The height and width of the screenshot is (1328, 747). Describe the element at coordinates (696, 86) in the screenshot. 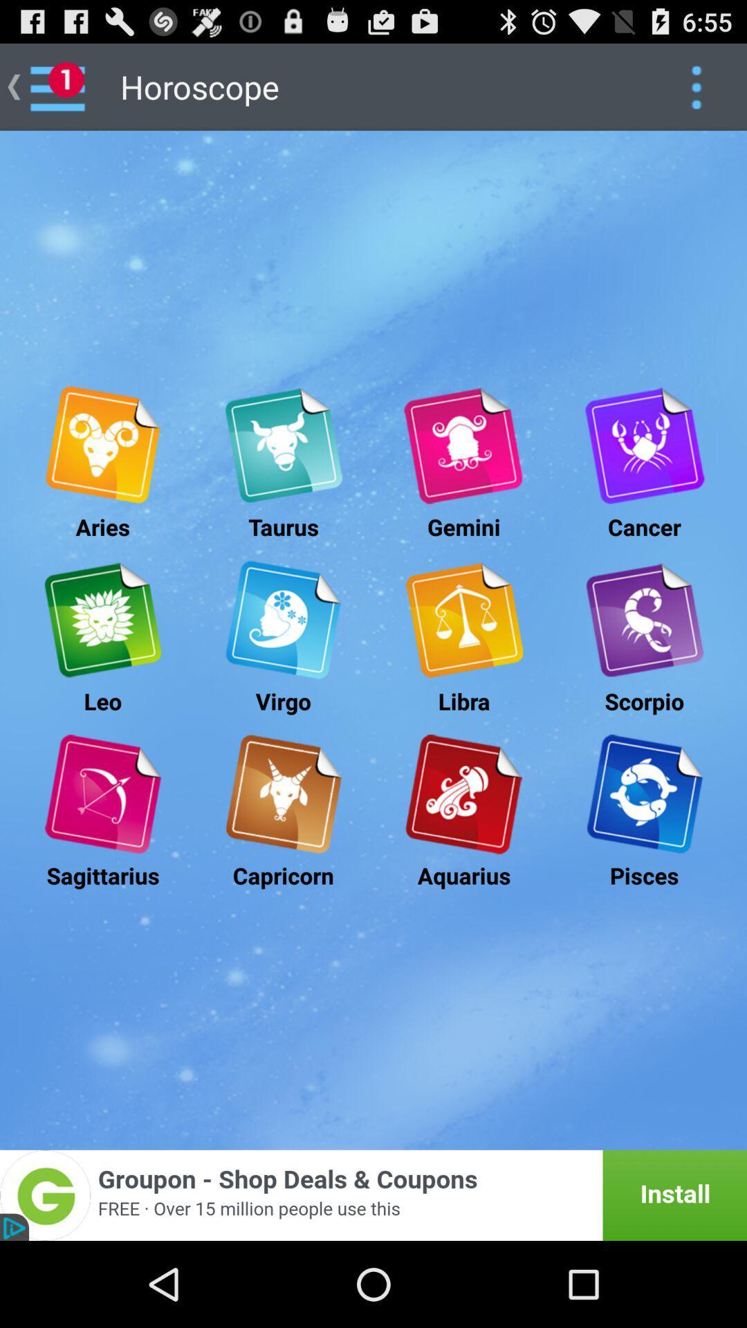

I see `app option` at that location.